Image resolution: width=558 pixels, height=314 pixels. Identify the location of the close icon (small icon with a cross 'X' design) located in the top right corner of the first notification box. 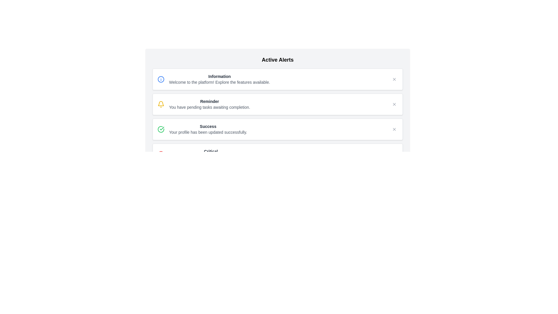
(394, 79).